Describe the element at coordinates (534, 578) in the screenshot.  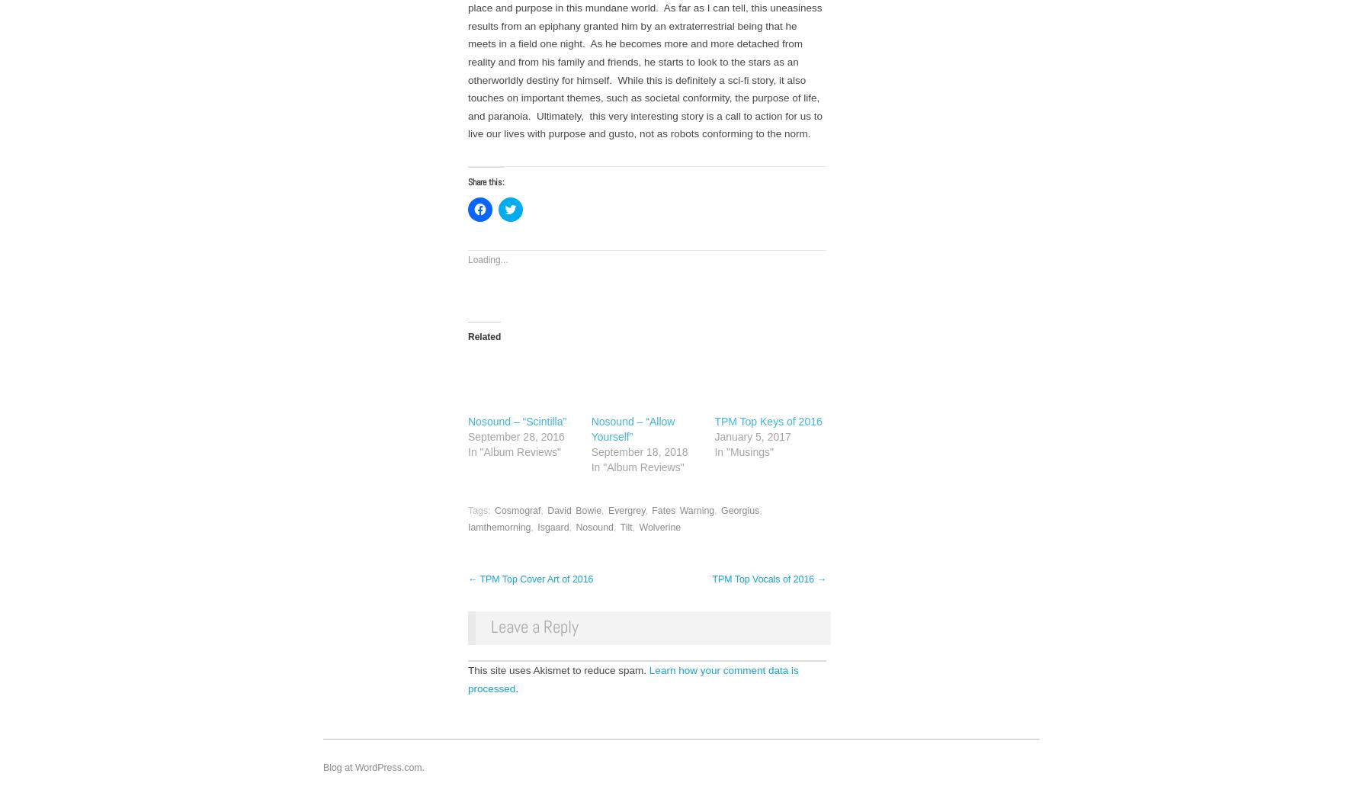
I see `'TPM Top Cover Art of 2016'` at that location.